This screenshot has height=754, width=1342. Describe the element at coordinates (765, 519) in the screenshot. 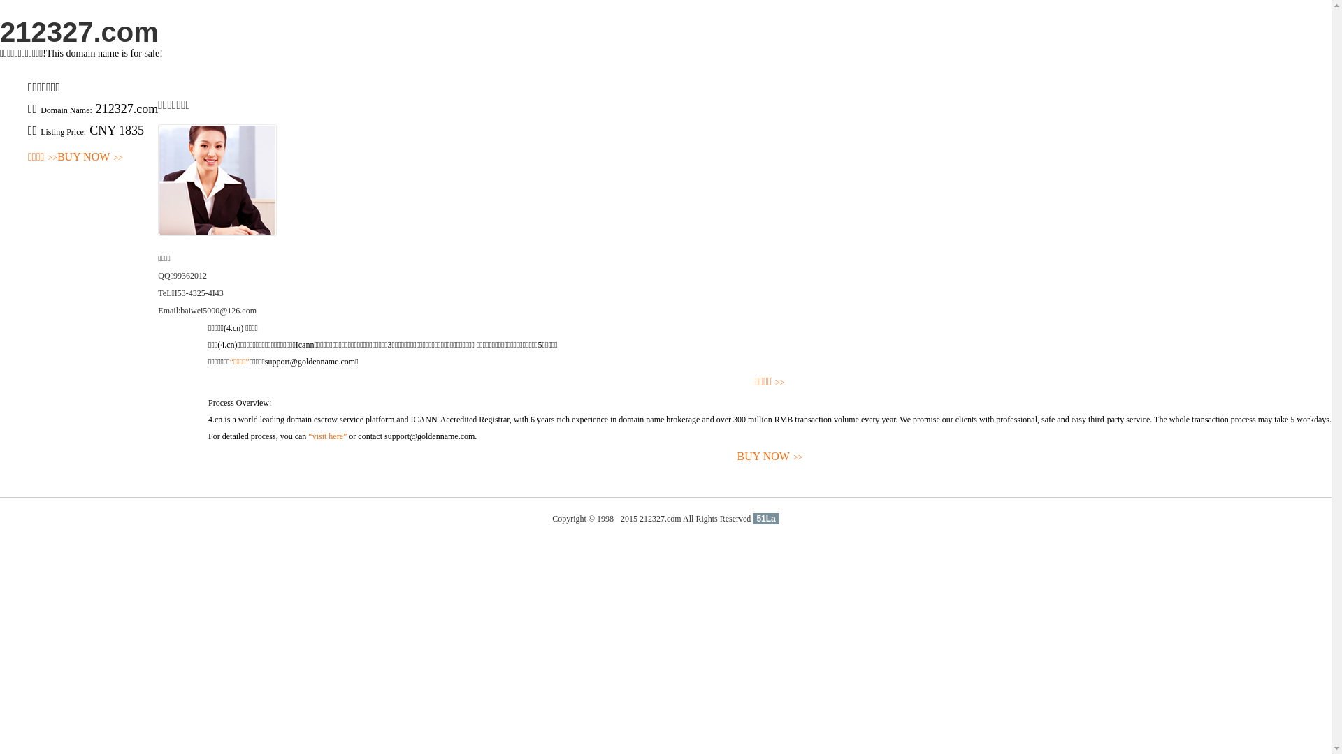

I see `'51La'` at that location.